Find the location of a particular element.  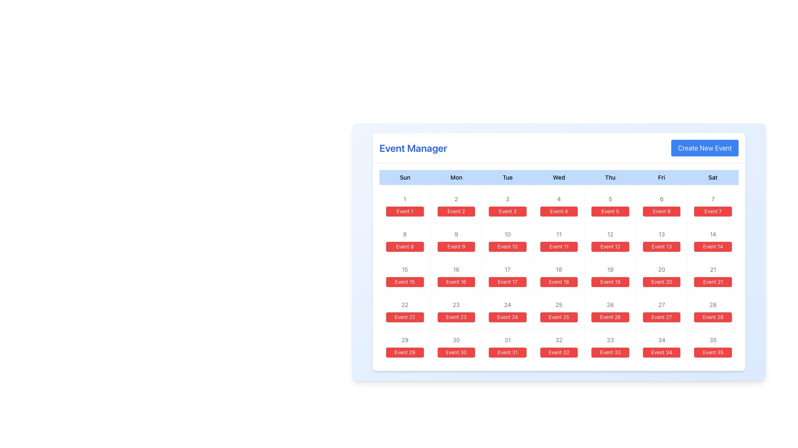

the Text Label displaying the number '5' in gray font, located above the button labeled 'Event 5' in the calendar cell for Thursday is located at coordinates (610, 199).